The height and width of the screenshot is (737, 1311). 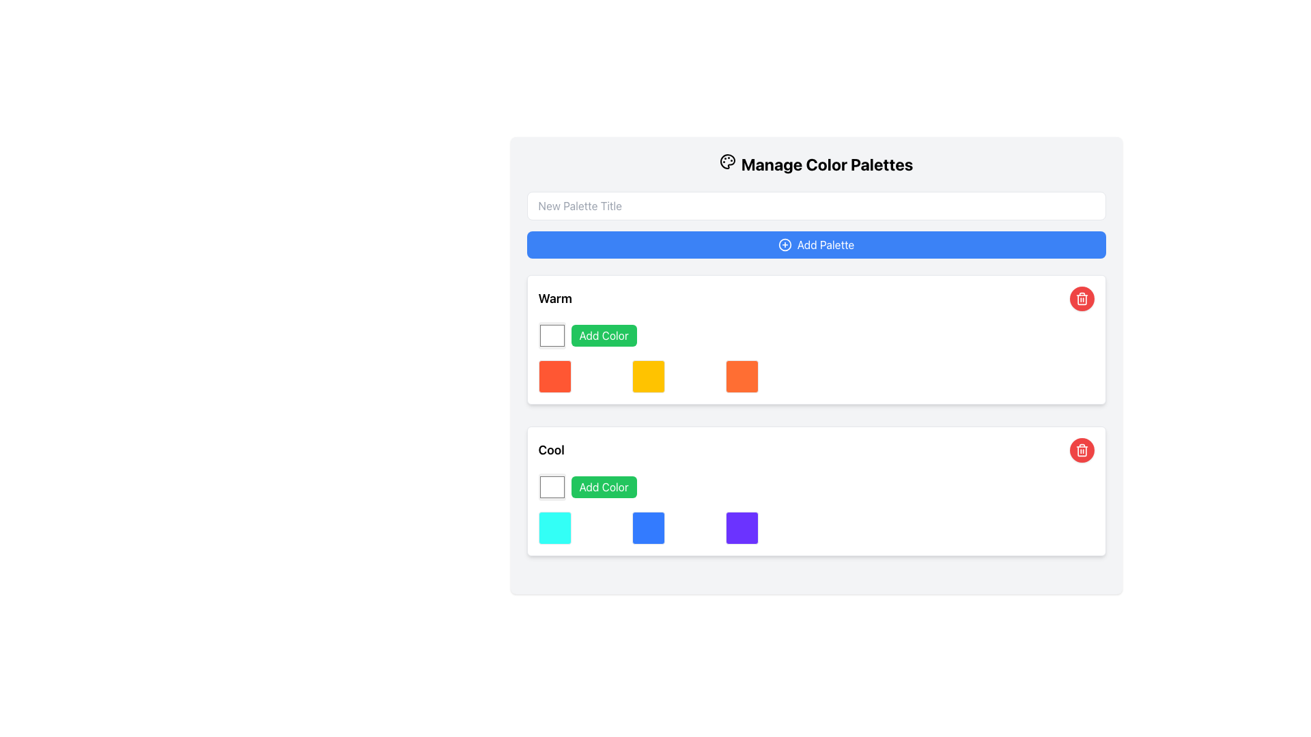 I want to click on the delete button icon for the 'Cool' palette, which features a red circular background and a trash can icon, located on the right side of the section header, so click(x=1081, y=298).